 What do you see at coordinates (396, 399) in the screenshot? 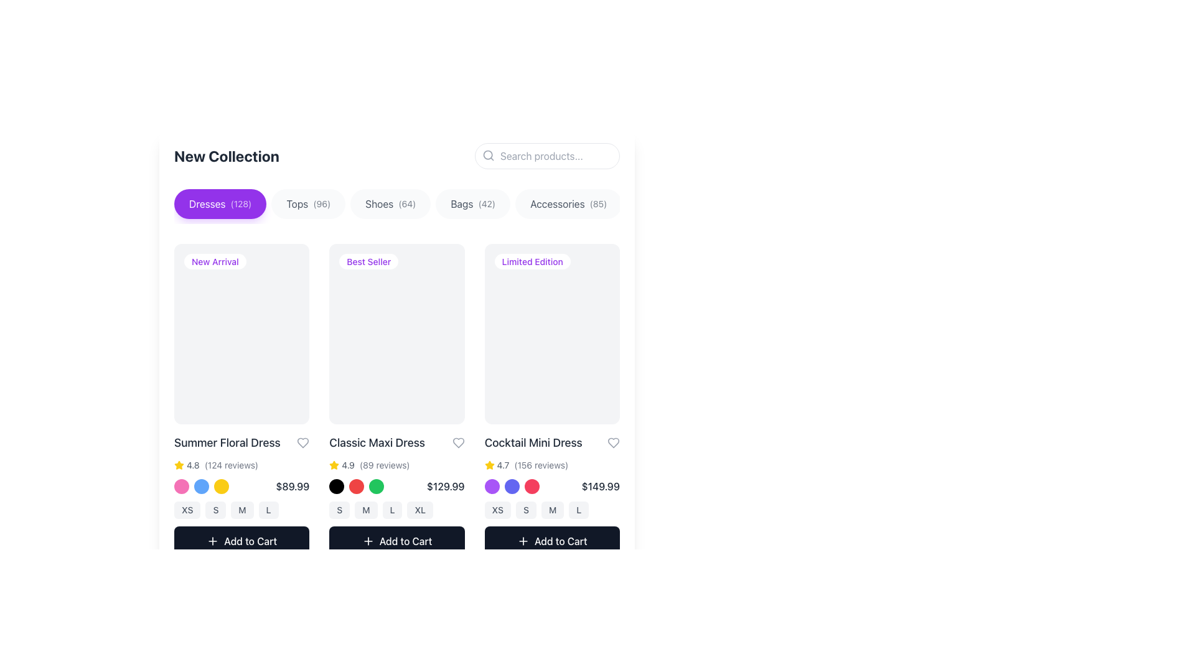
I see `the 'Classic Maxi Dress' product card` at bounding box center [396, 399].